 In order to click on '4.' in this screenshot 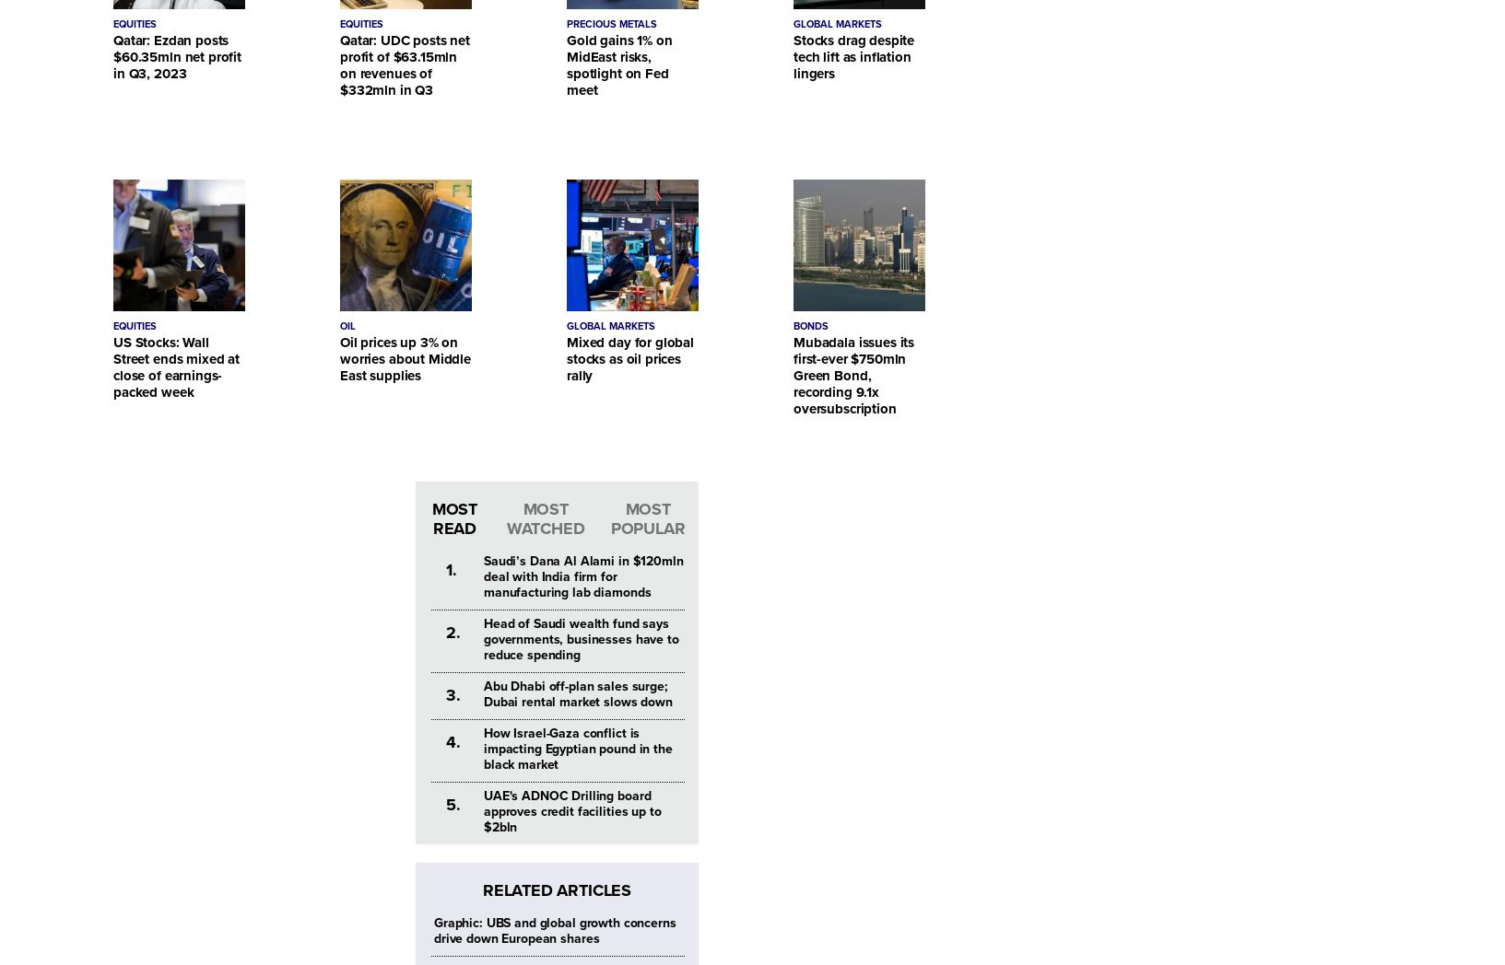, I will do `click(453, 741)`.